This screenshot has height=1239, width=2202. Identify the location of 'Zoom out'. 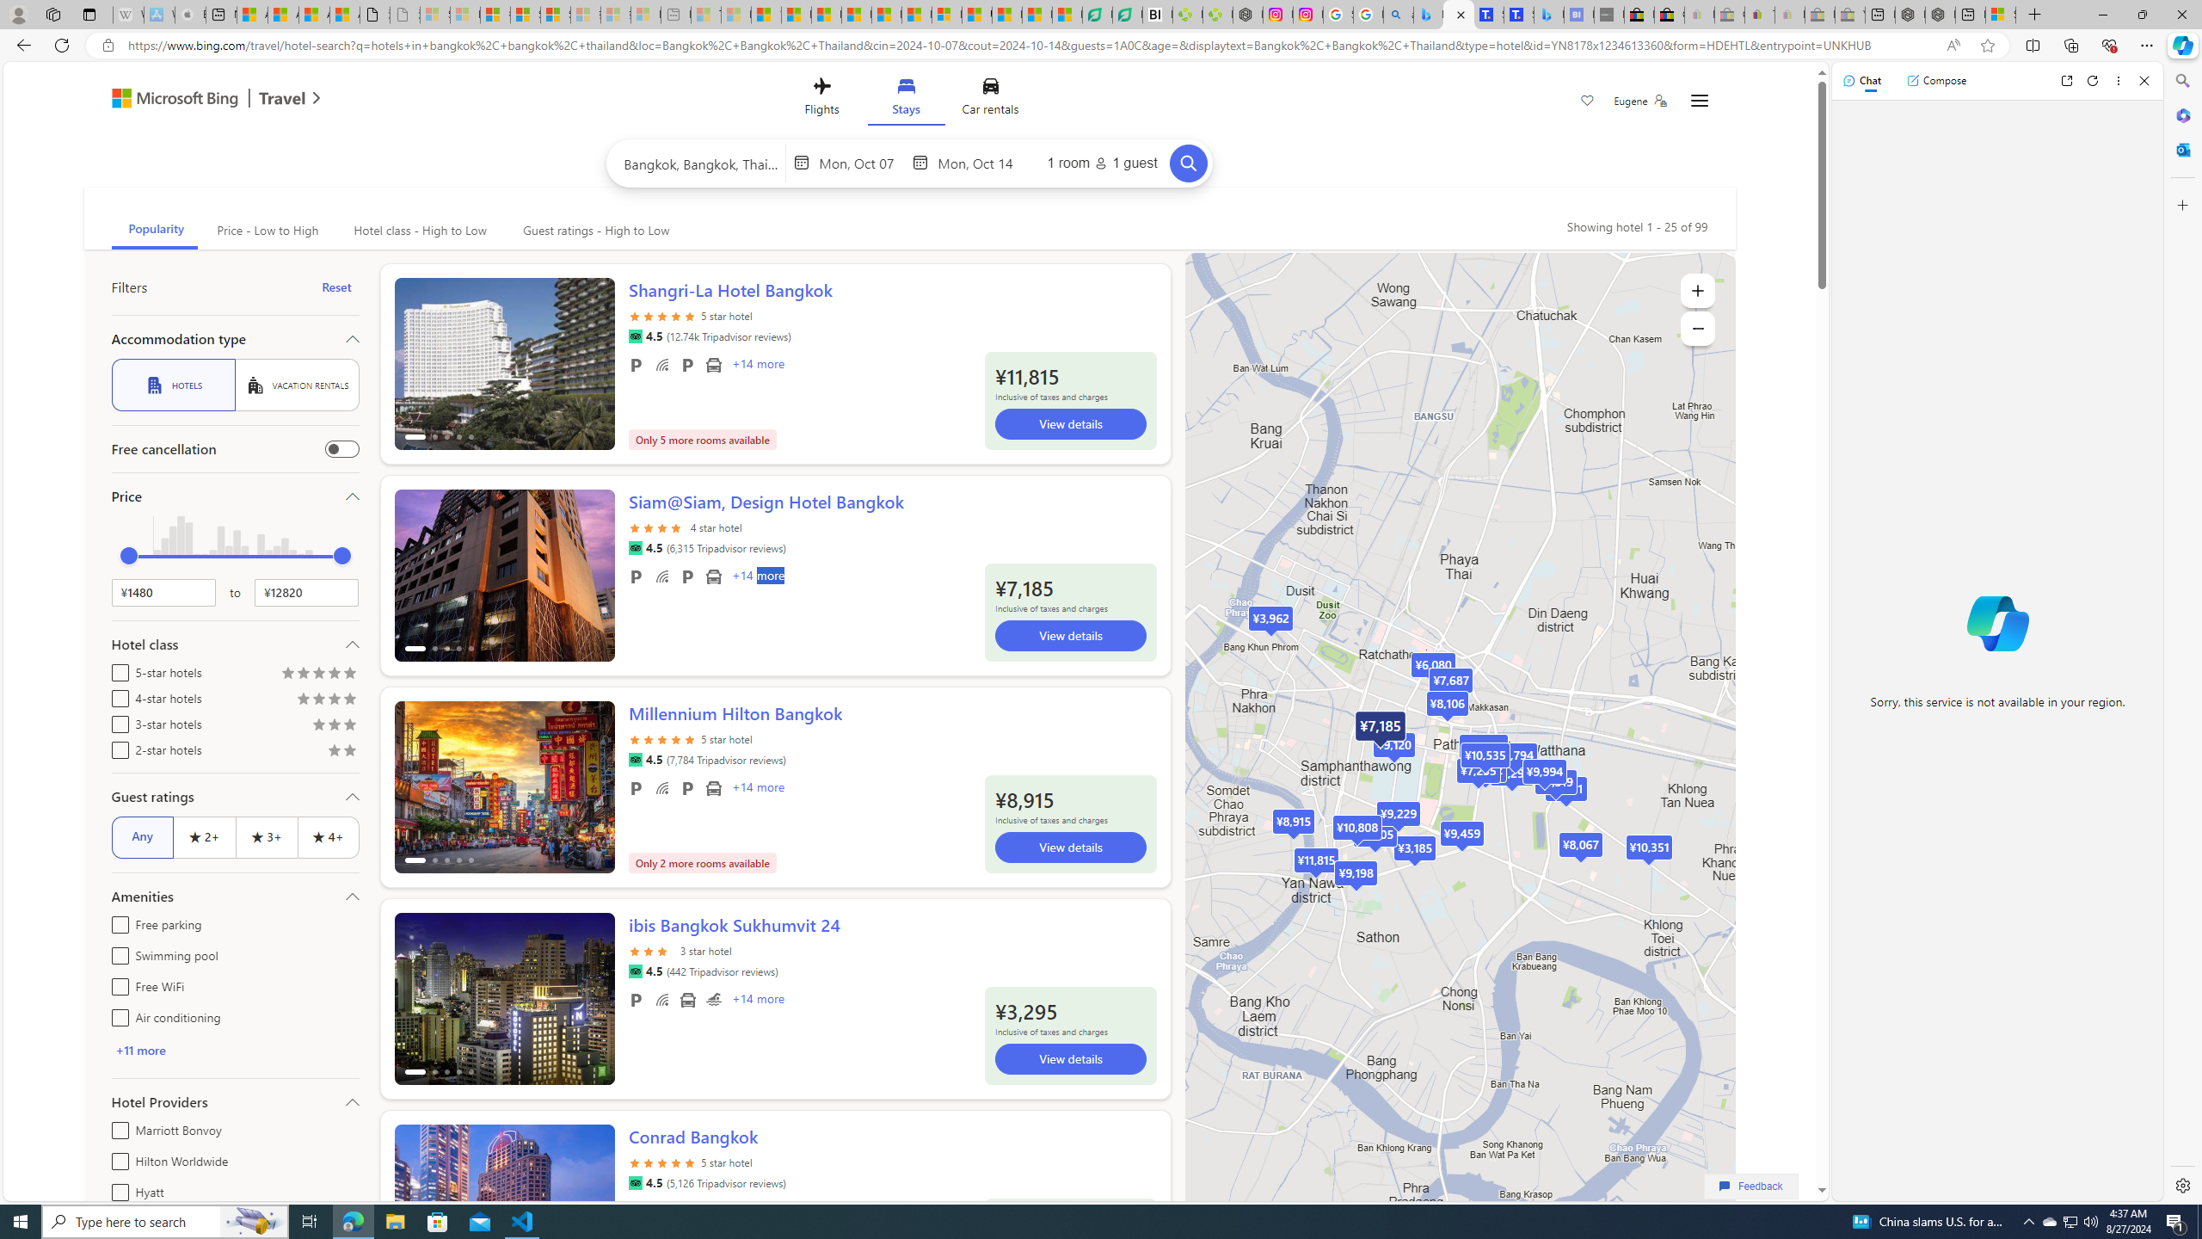
(1696, 327).